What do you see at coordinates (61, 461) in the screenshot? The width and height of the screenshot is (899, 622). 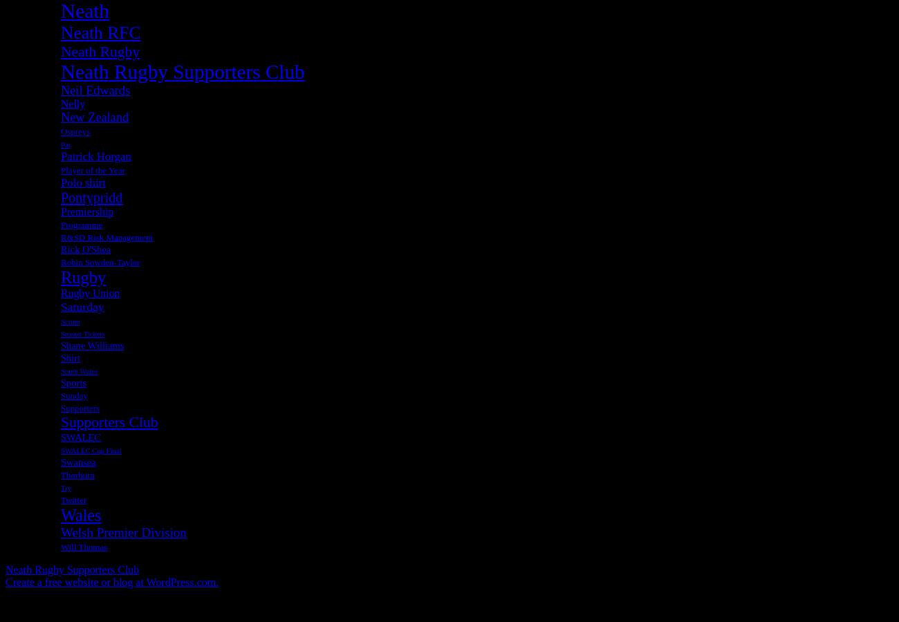 I see `'Swansea'` at bounding box center [61, 461].